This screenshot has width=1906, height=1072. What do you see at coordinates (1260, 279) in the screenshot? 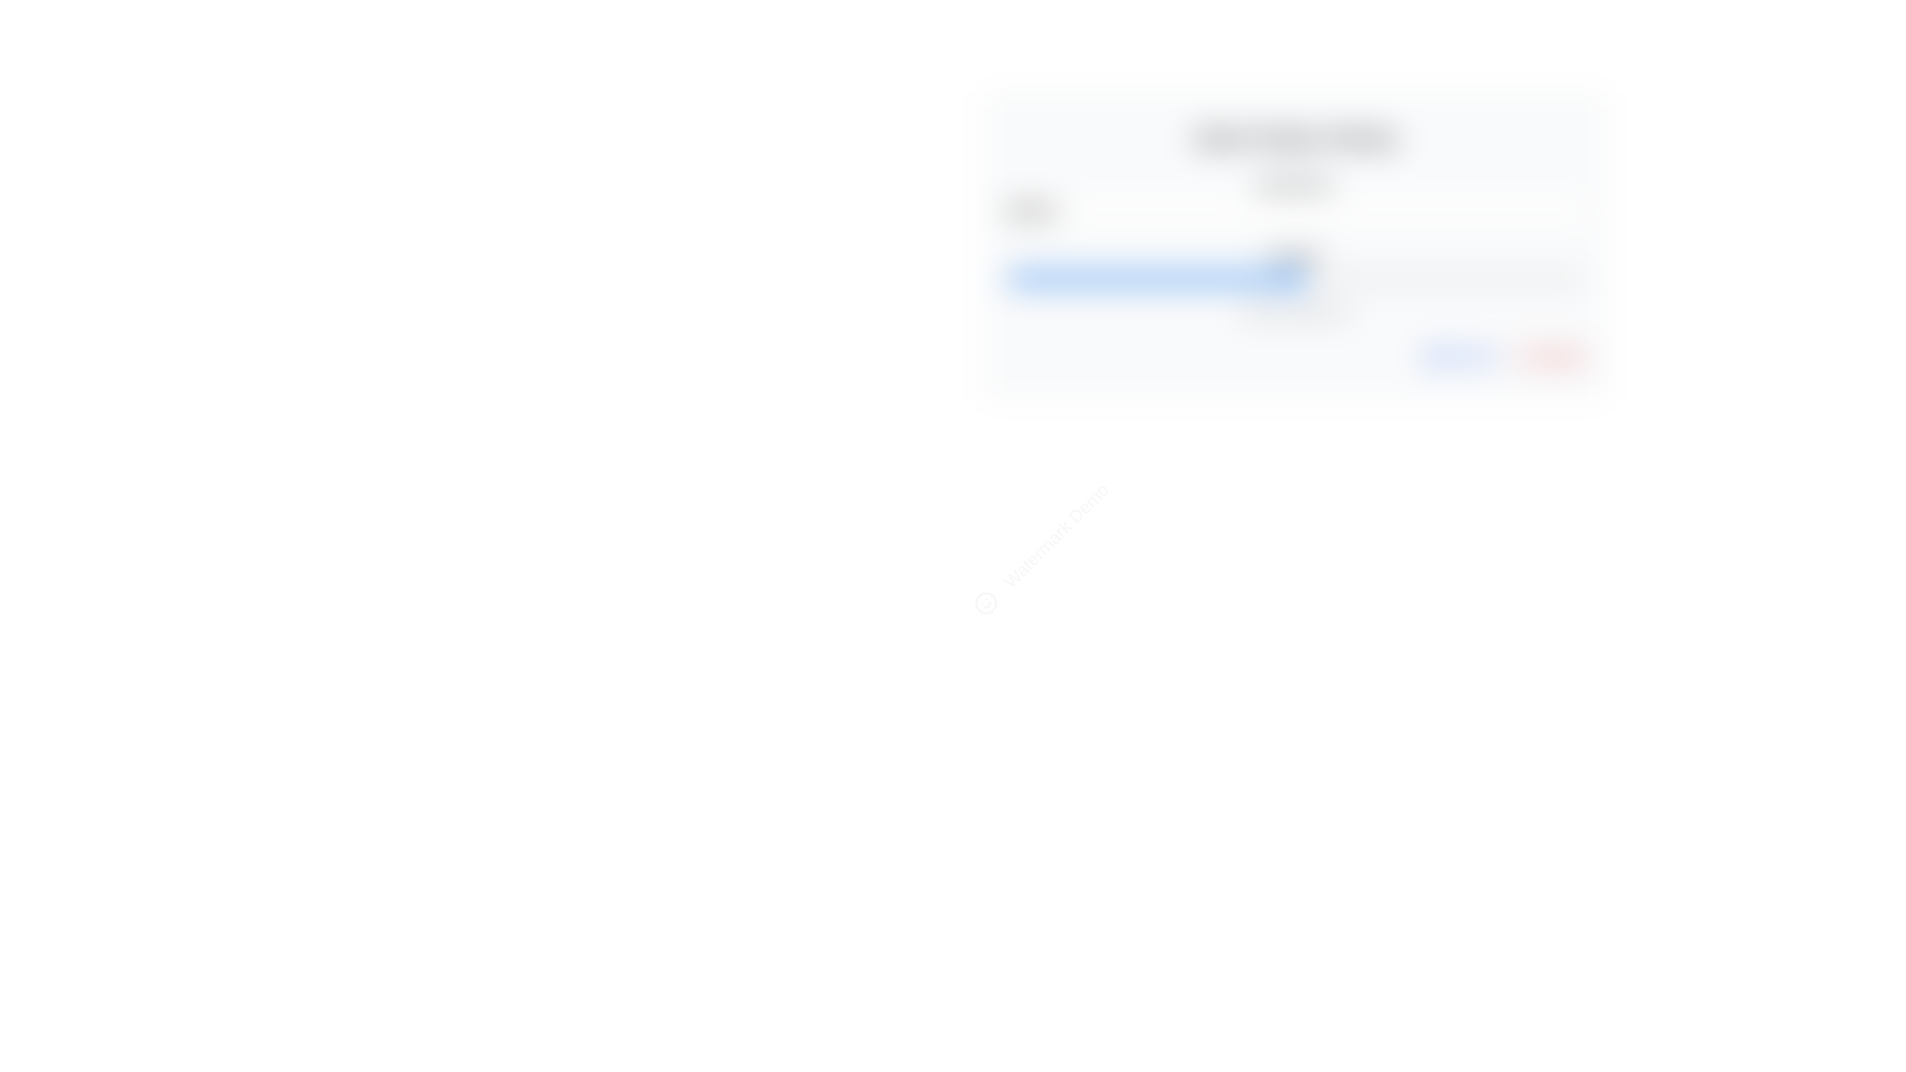
I see `the slider value` at bounding box center [1260, 279].